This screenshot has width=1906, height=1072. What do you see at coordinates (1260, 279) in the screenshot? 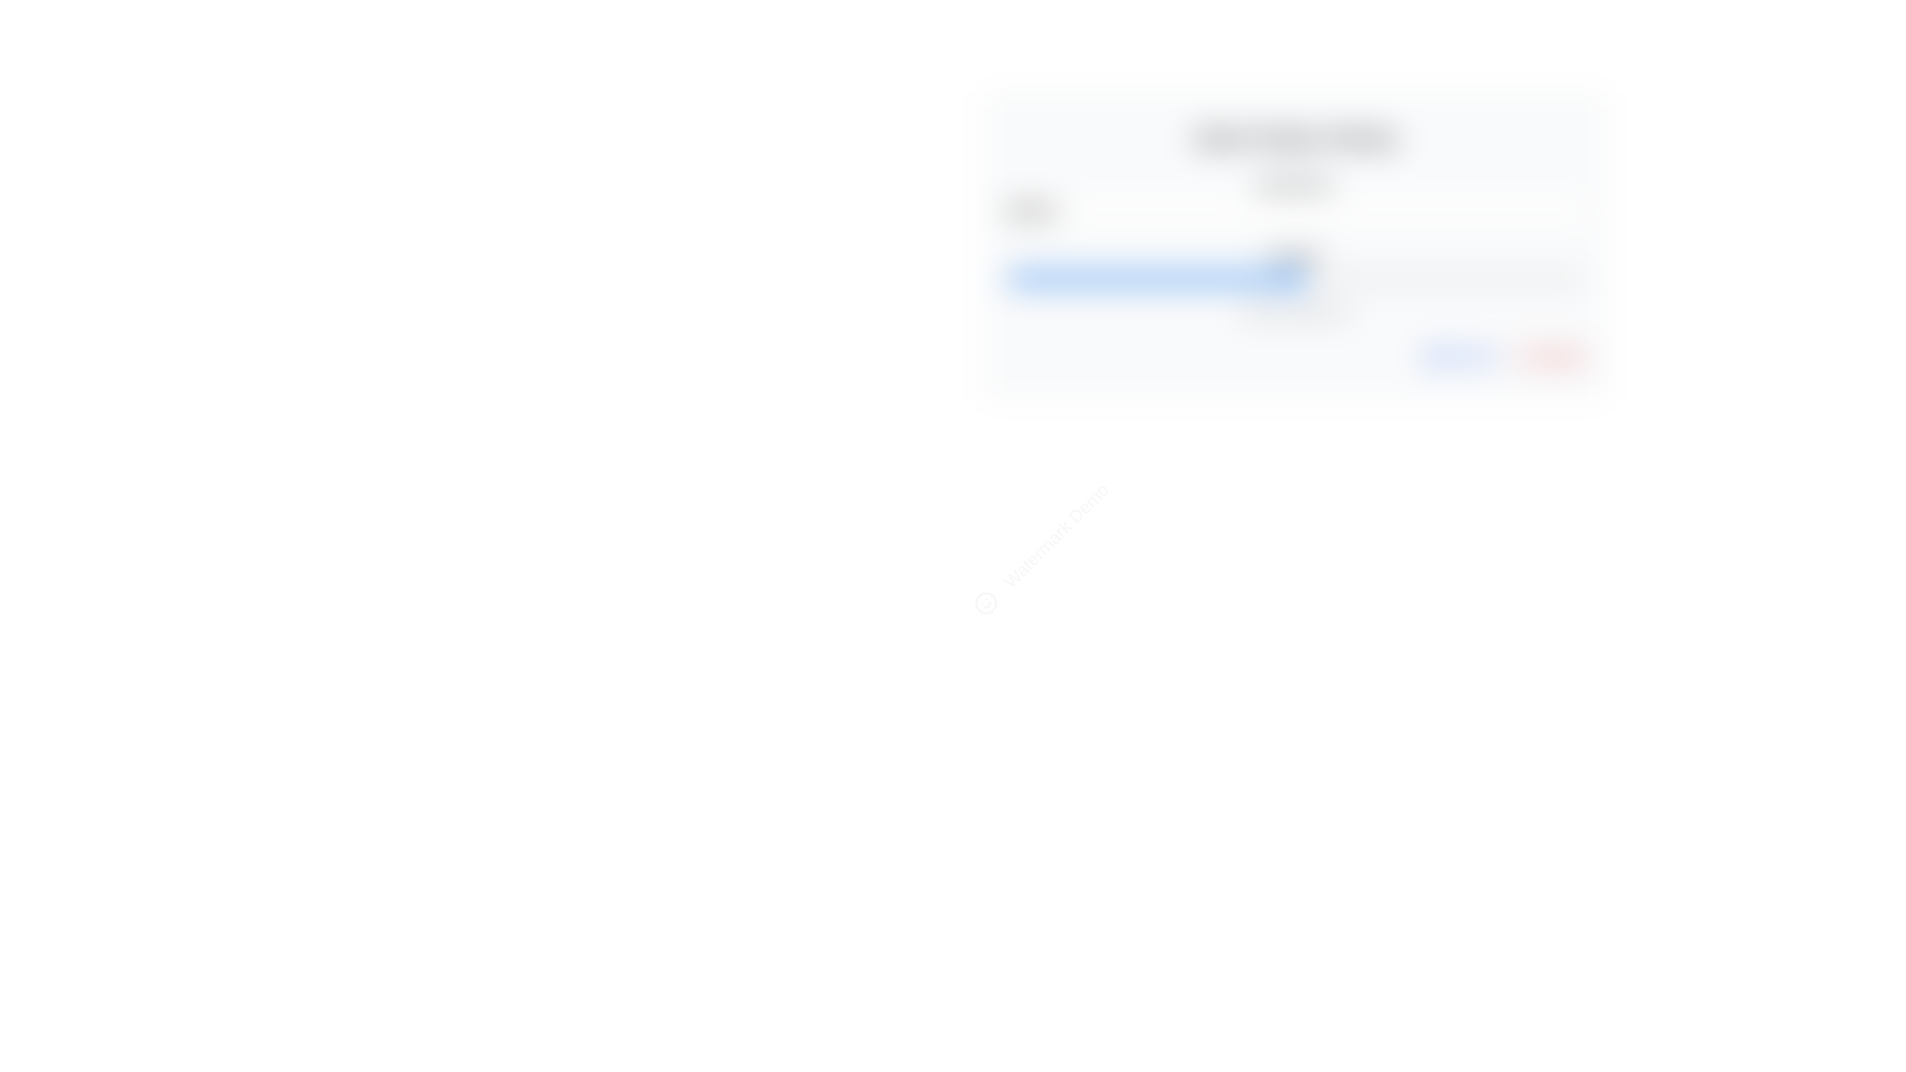
I see `the slider value` at bounding box center [1260, 279].